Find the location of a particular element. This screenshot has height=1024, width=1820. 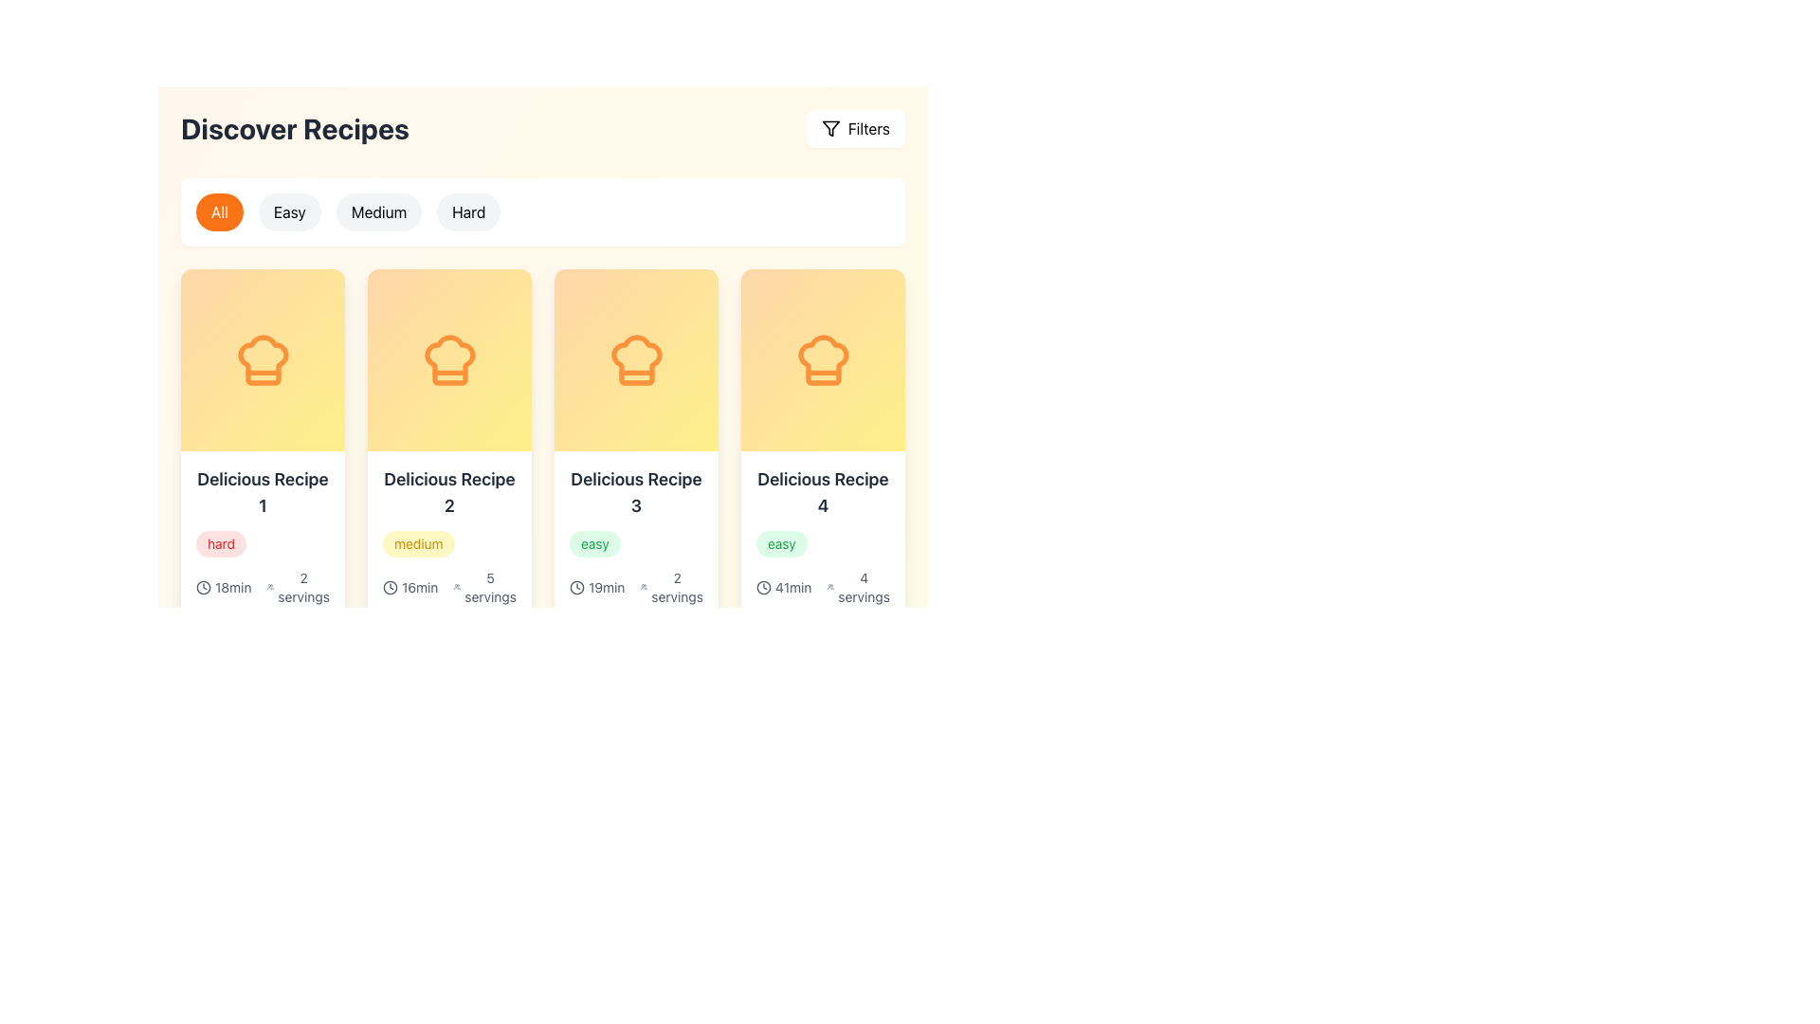

the servings icon located in the '2 servings' section of the 'Delicious Recipe 3' card, which visually represents multiple user silhouettes is located at coordinates (644, 587).